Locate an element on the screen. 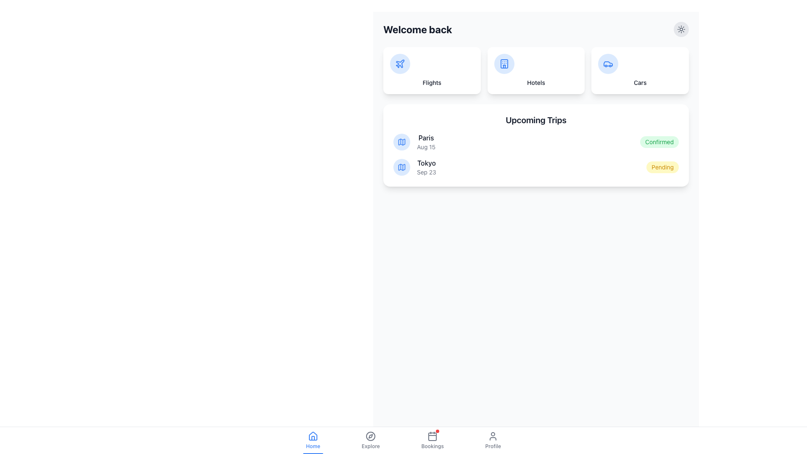 The width and height of the screenshot is (807, 454). the 'Hotels' category icon, which is centrally located in the second card under the 'Welcome back' heading, positioned between the 'Flights' and 'Cars' cards is located at coordinates (504, 63).